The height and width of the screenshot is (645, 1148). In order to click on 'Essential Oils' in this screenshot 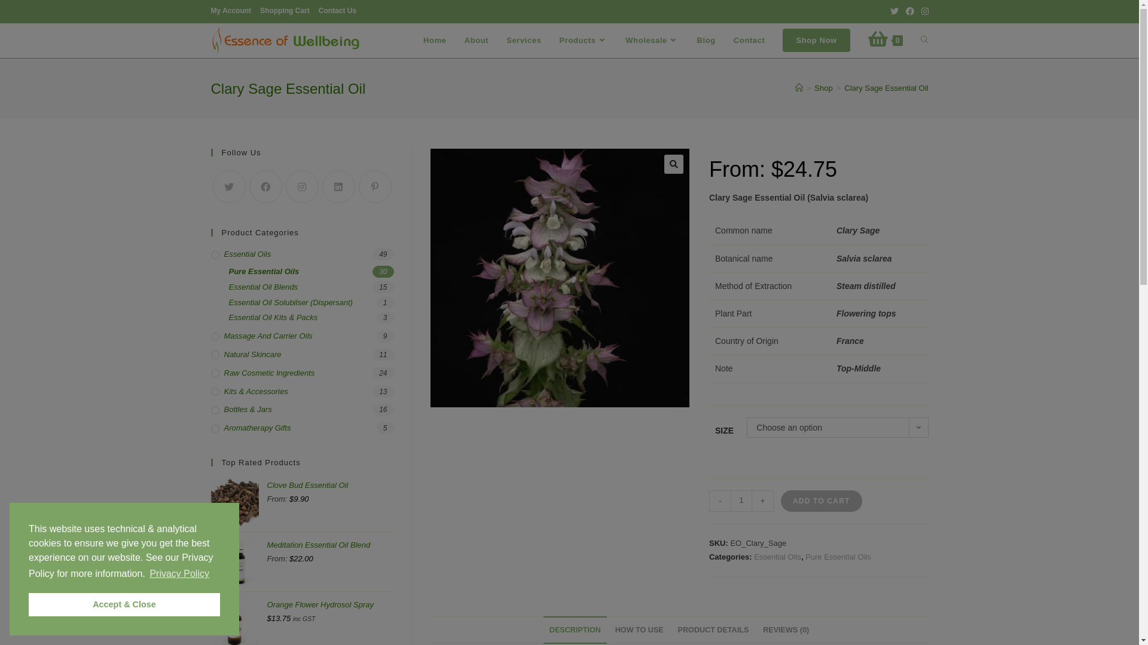, I will do `click(301, 254)`.